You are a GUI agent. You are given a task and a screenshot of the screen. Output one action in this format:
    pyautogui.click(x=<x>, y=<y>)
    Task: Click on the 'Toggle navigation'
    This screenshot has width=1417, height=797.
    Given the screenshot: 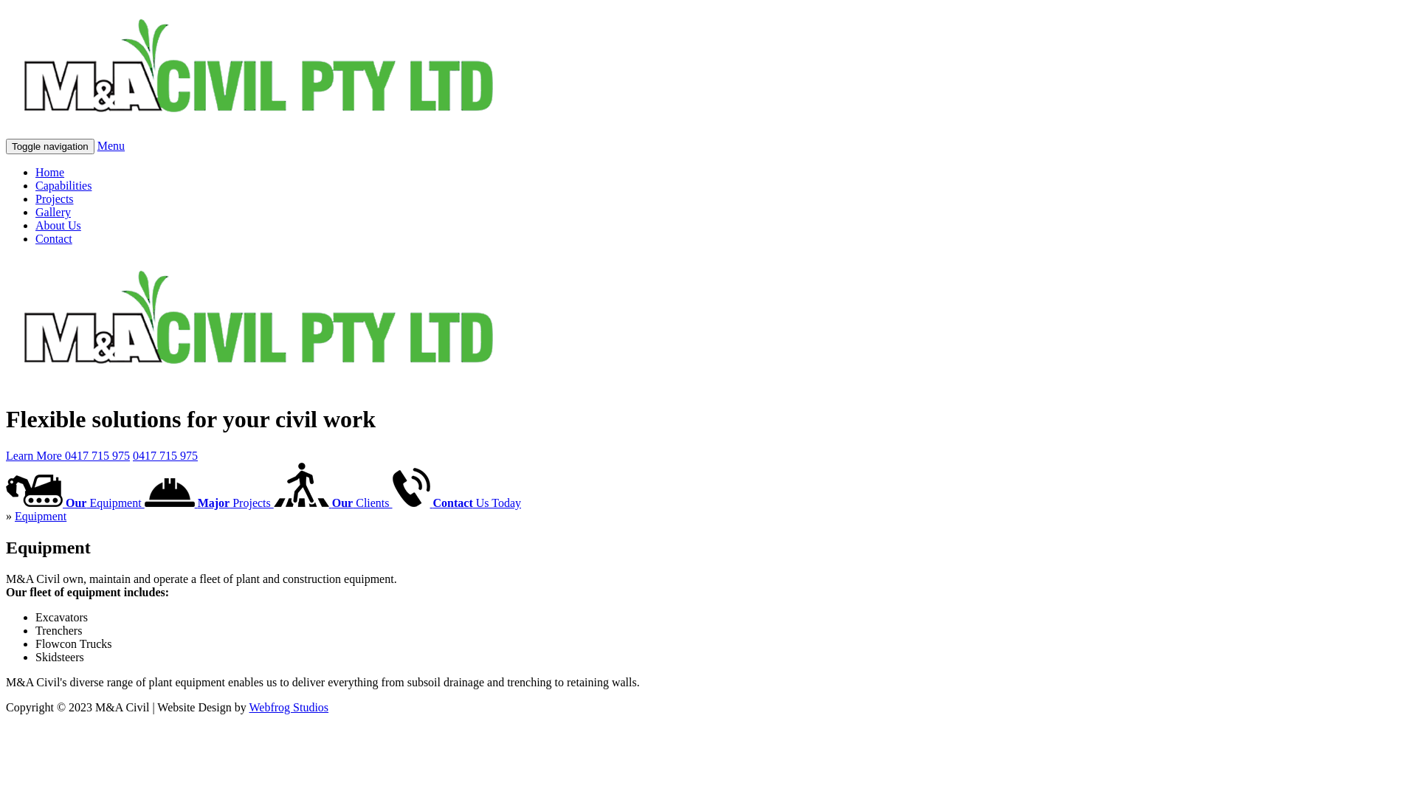 What is the action you would take?
    pyautogui.click(x=49, y=146)
    